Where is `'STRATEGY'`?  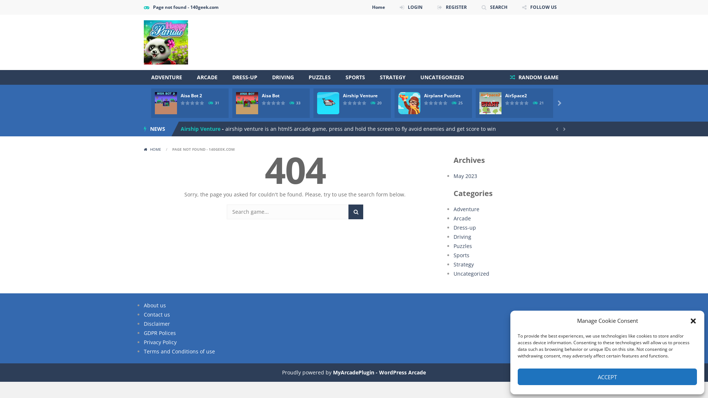
'STRATEGY' is located at coordinates (392, 77).